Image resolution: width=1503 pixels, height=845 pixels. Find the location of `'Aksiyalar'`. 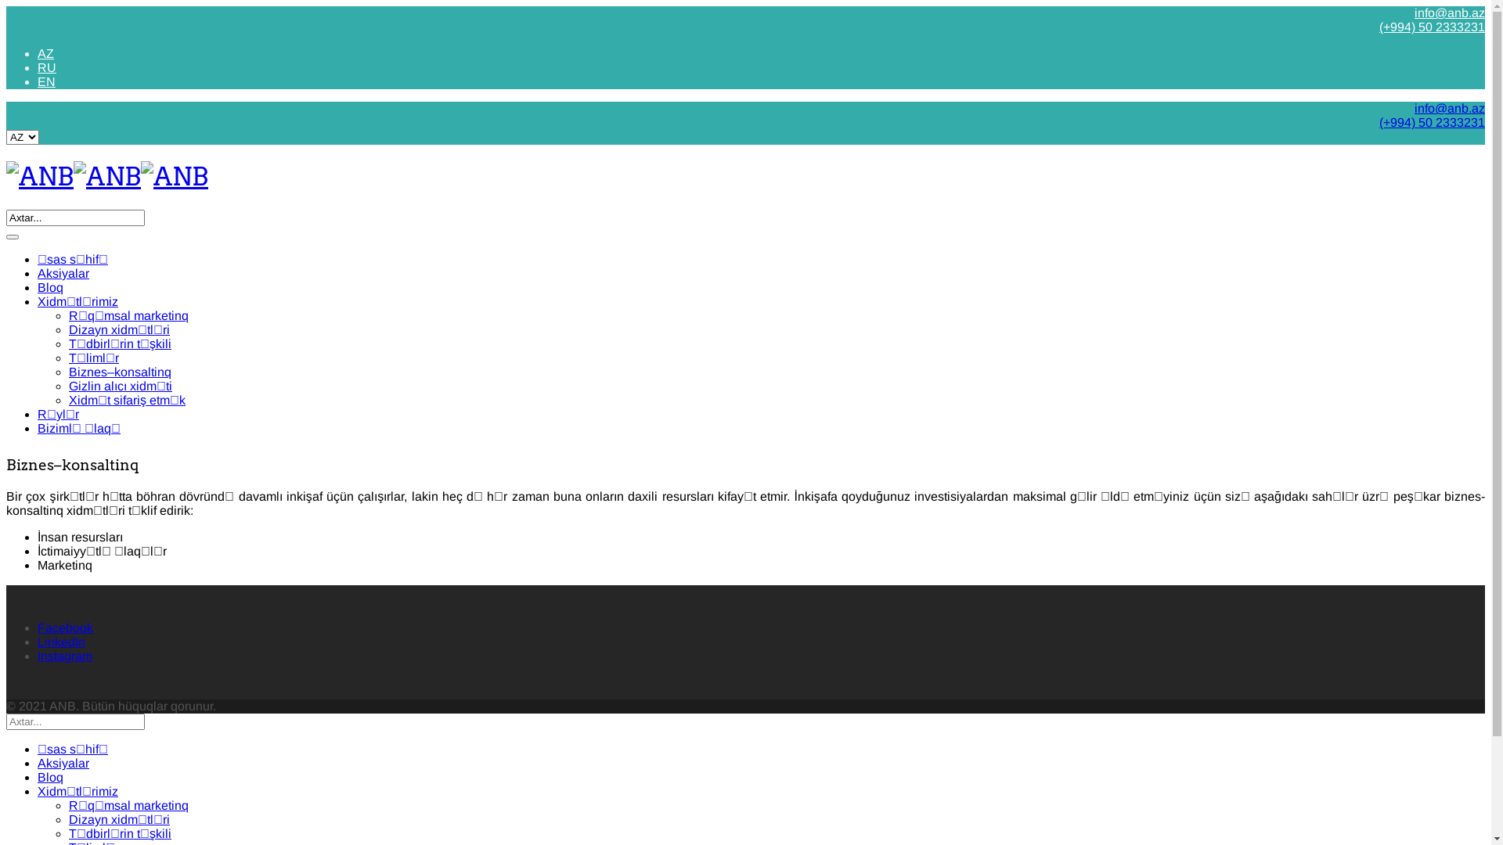

'Aksiyalar' is located at coordinates (63, 272).